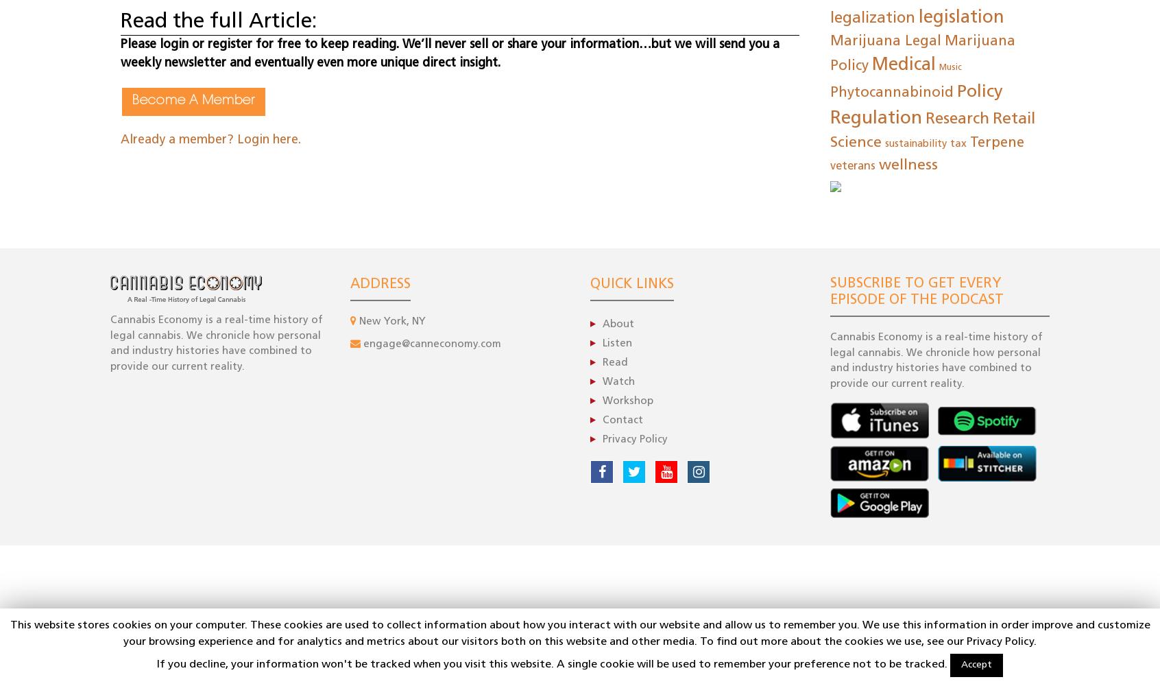 The width and height of the screenshot is (1160, 686). Describe the element at coordinates (872, 18) in the screenshot. I see `'legalization'` at that location.